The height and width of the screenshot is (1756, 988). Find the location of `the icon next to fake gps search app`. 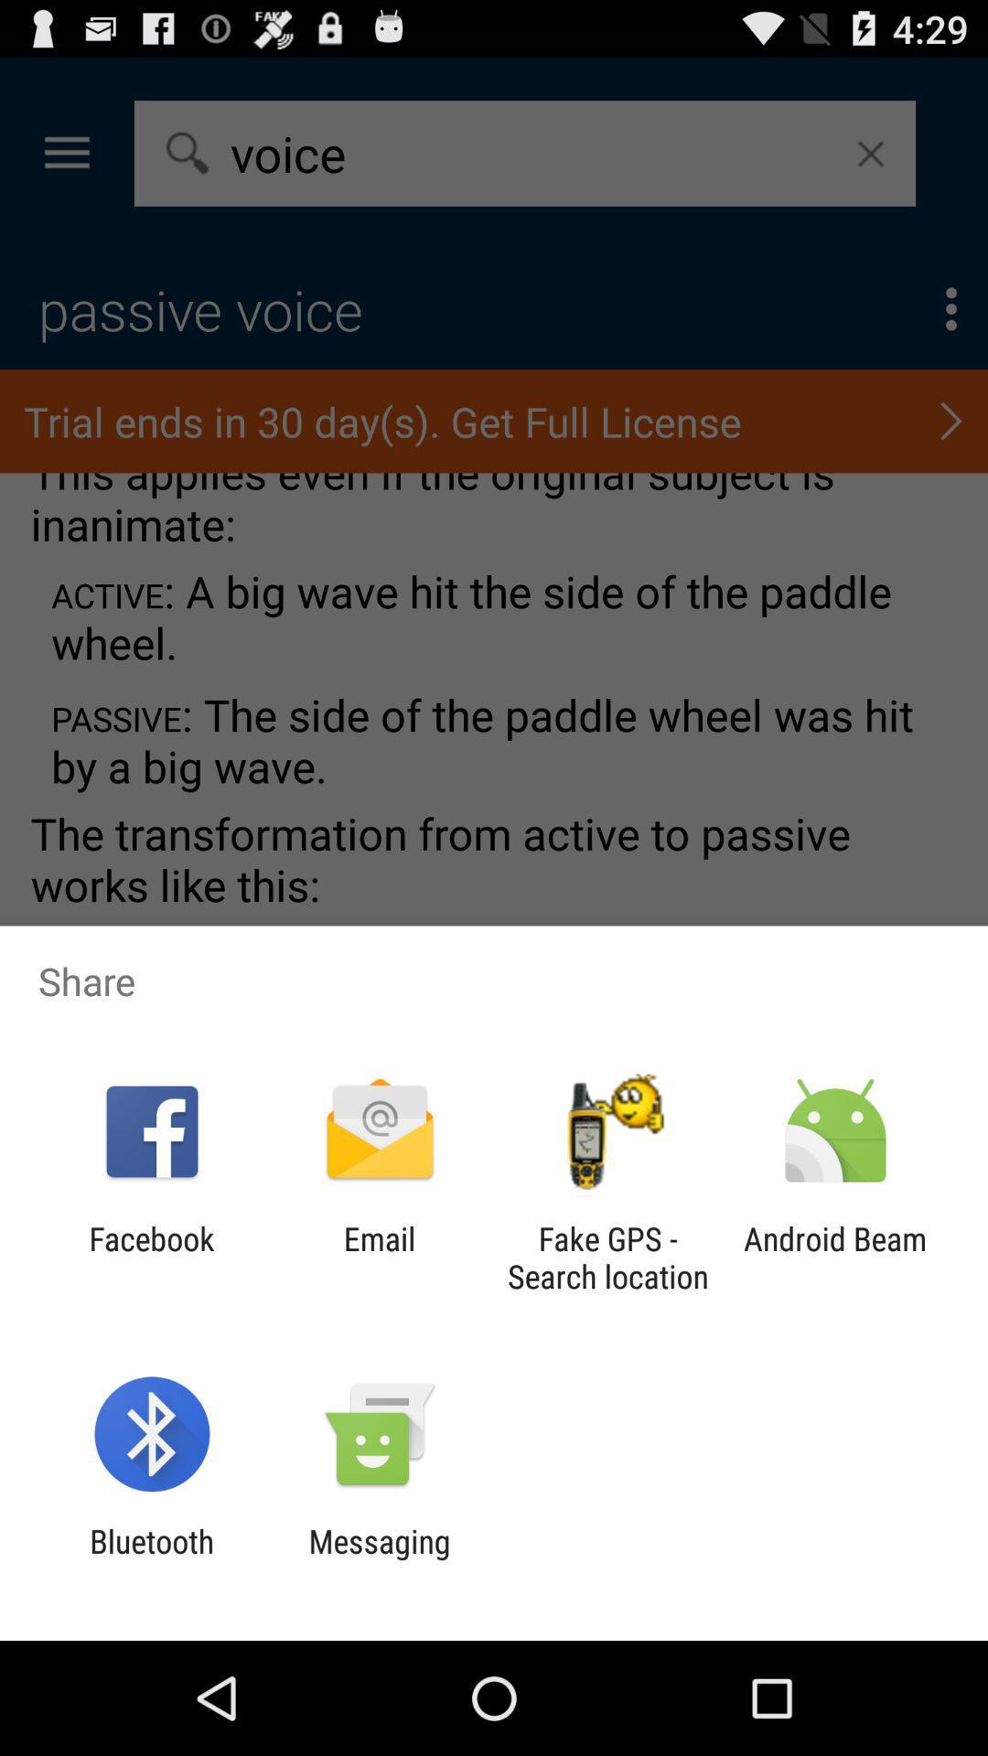

the icon next to fake gps search app is located at coordinates (379, 1257).